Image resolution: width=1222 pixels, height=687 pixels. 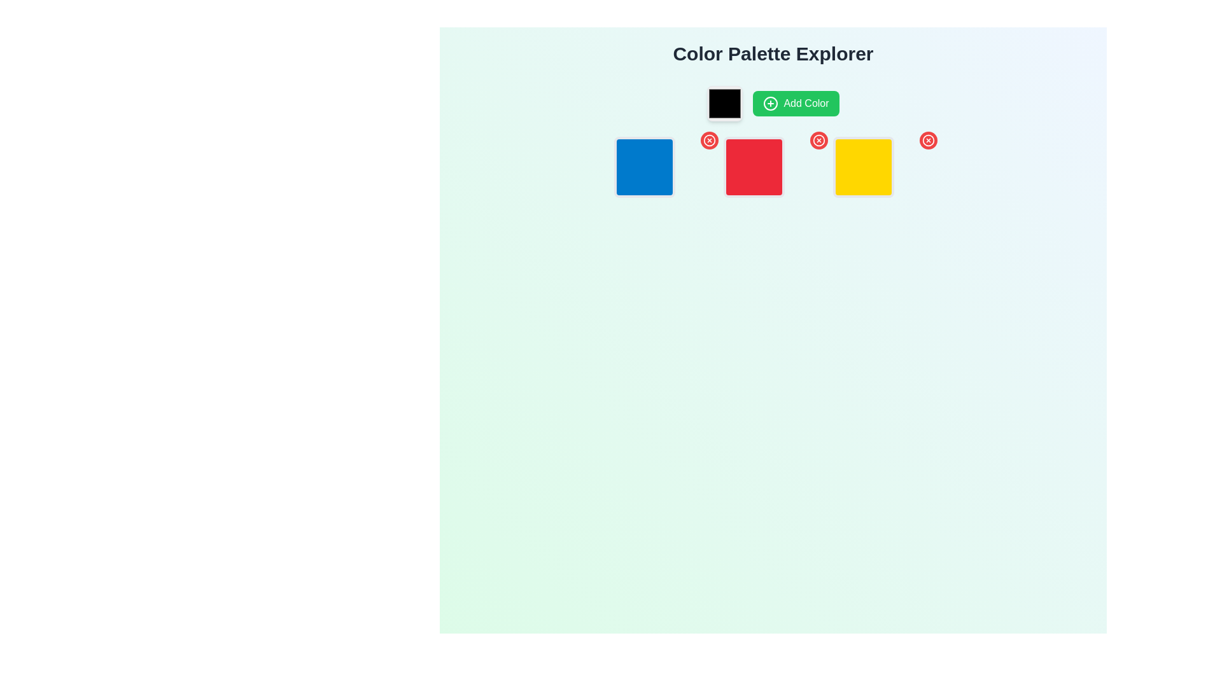 I want to click on to select or interact with the red color block display located below the 'Add Color' button in the color palette grid, so click(x=772, y=166).